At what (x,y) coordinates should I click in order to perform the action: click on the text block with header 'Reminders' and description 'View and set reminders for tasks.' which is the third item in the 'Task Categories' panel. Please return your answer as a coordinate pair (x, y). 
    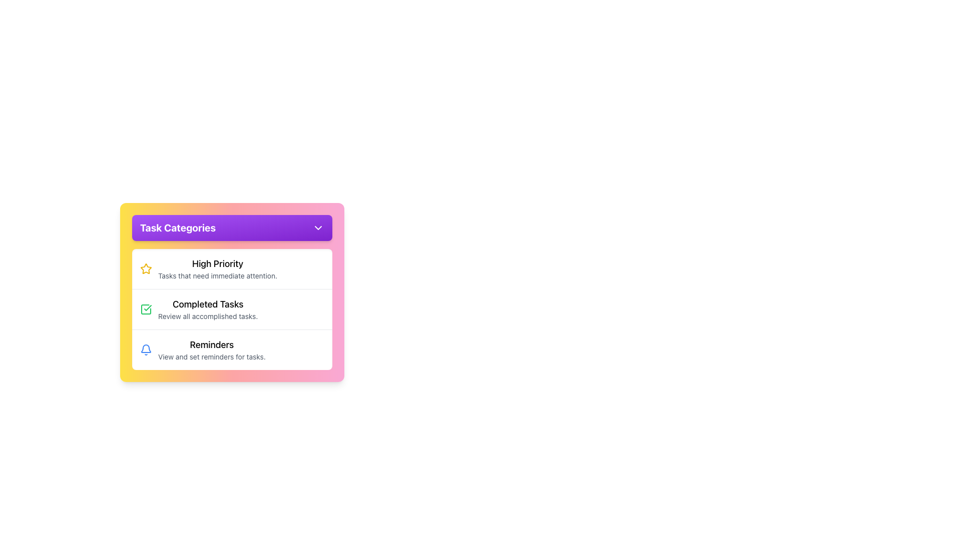
    Looking at the image, I should click on (211, 349).